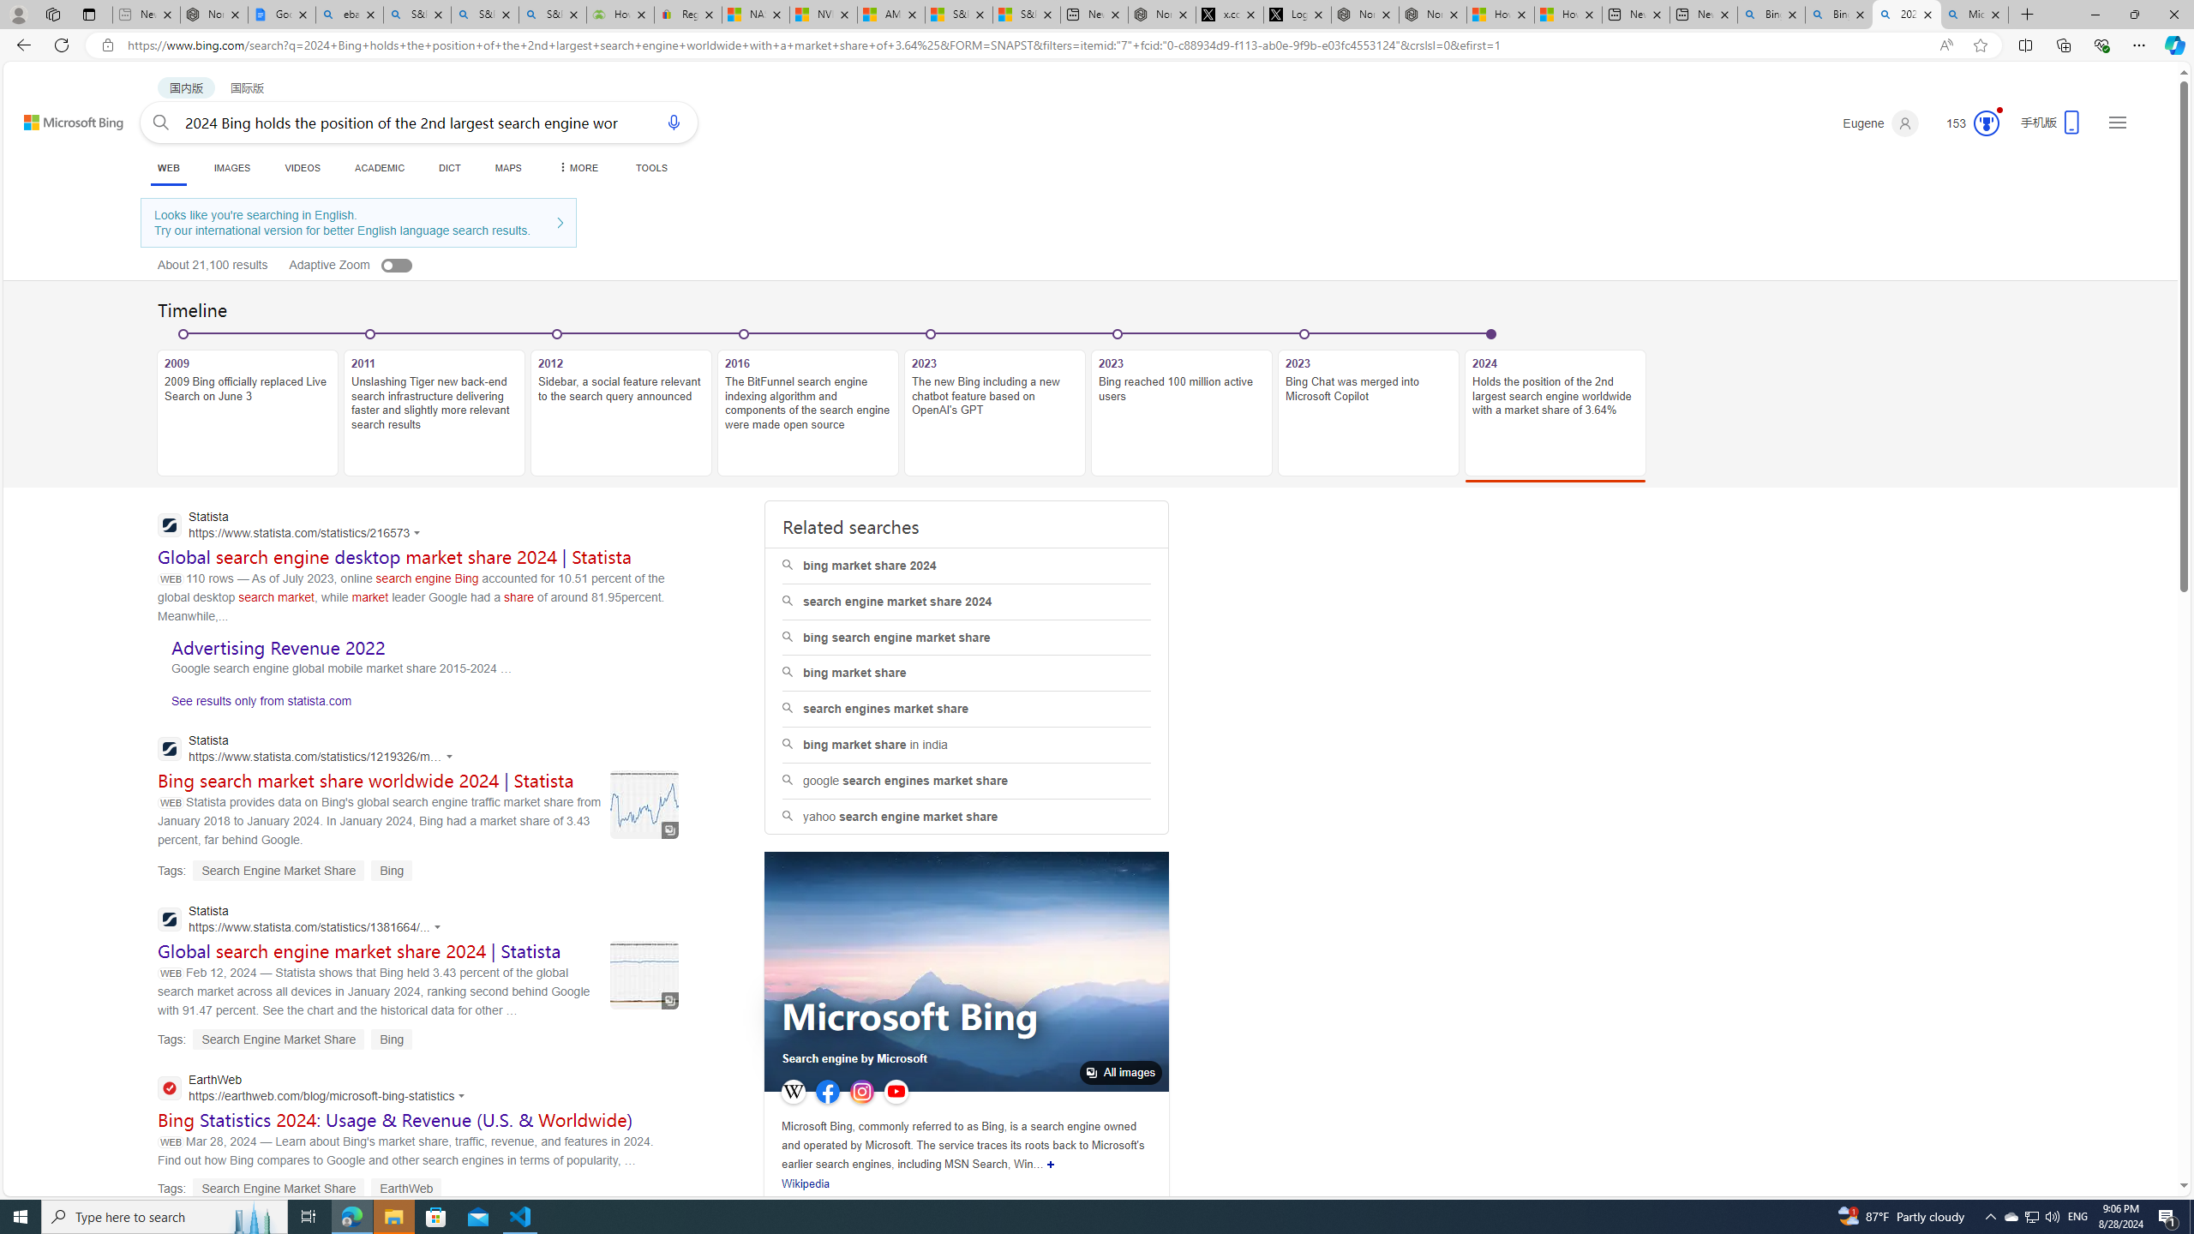  What do you see at coordinates (2144, 1135) in the screenshot?
I see `'Search more'` at bounding box center [2144, 1135].